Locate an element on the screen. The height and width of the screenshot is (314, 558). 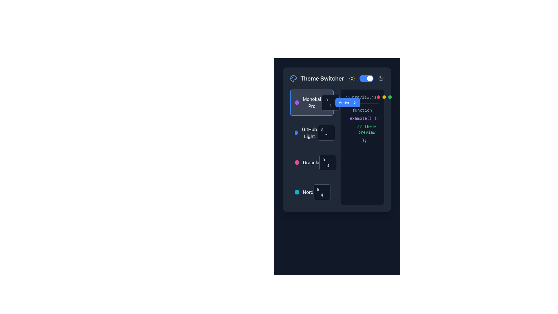
the first list item representing a selectable theme option with a highlighted blue-lit border is located at coordinates (311, 102).